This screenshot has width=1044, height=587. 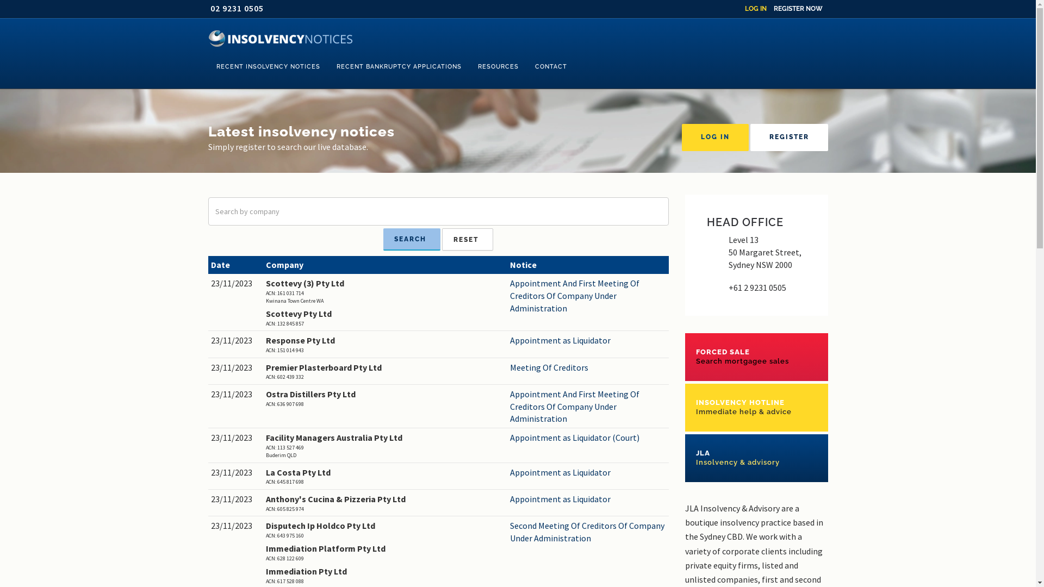 I want to click on 'Appointment as Liquidator', so click(x=587, y=340).